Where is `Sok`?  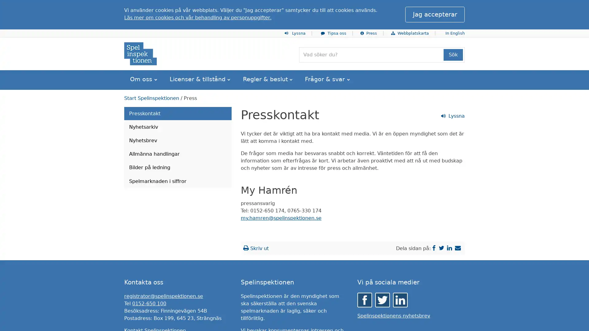 Sok is located at coordinates (453, 54).